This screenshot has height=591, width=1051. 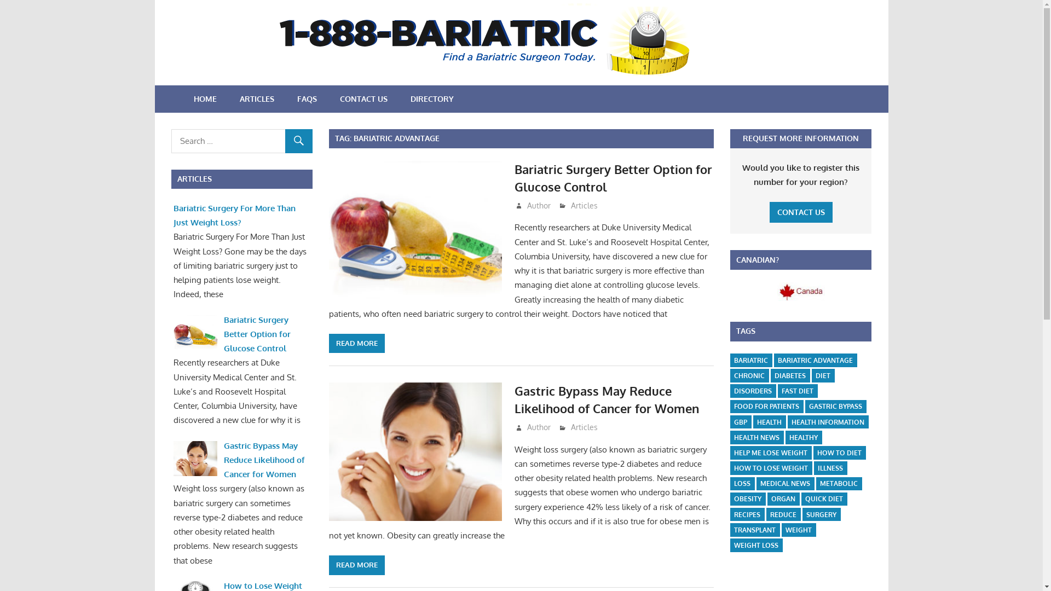 What do you see at coordinates (172, 215) in the screenshot?
I see `'Bariatric Surgery For More Than Just Weight Loss?'` at bounding box center [172, 215].